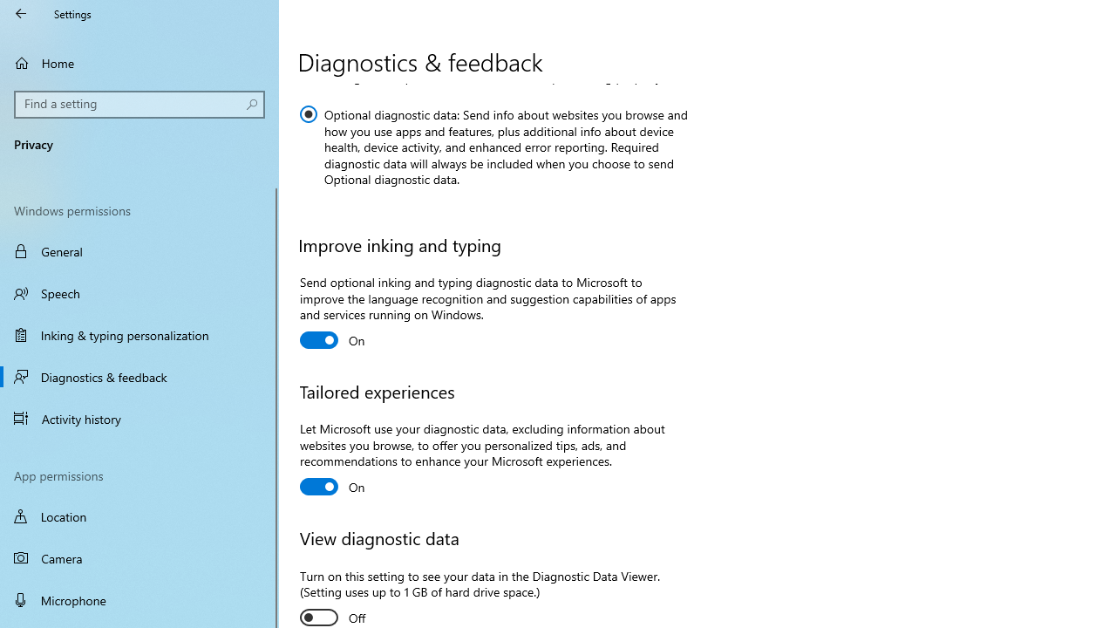  What do you see at coordinates (139, 335) in the screenshot?
I see `'Inking & typing personalization'` at bounding box center [139, 335].